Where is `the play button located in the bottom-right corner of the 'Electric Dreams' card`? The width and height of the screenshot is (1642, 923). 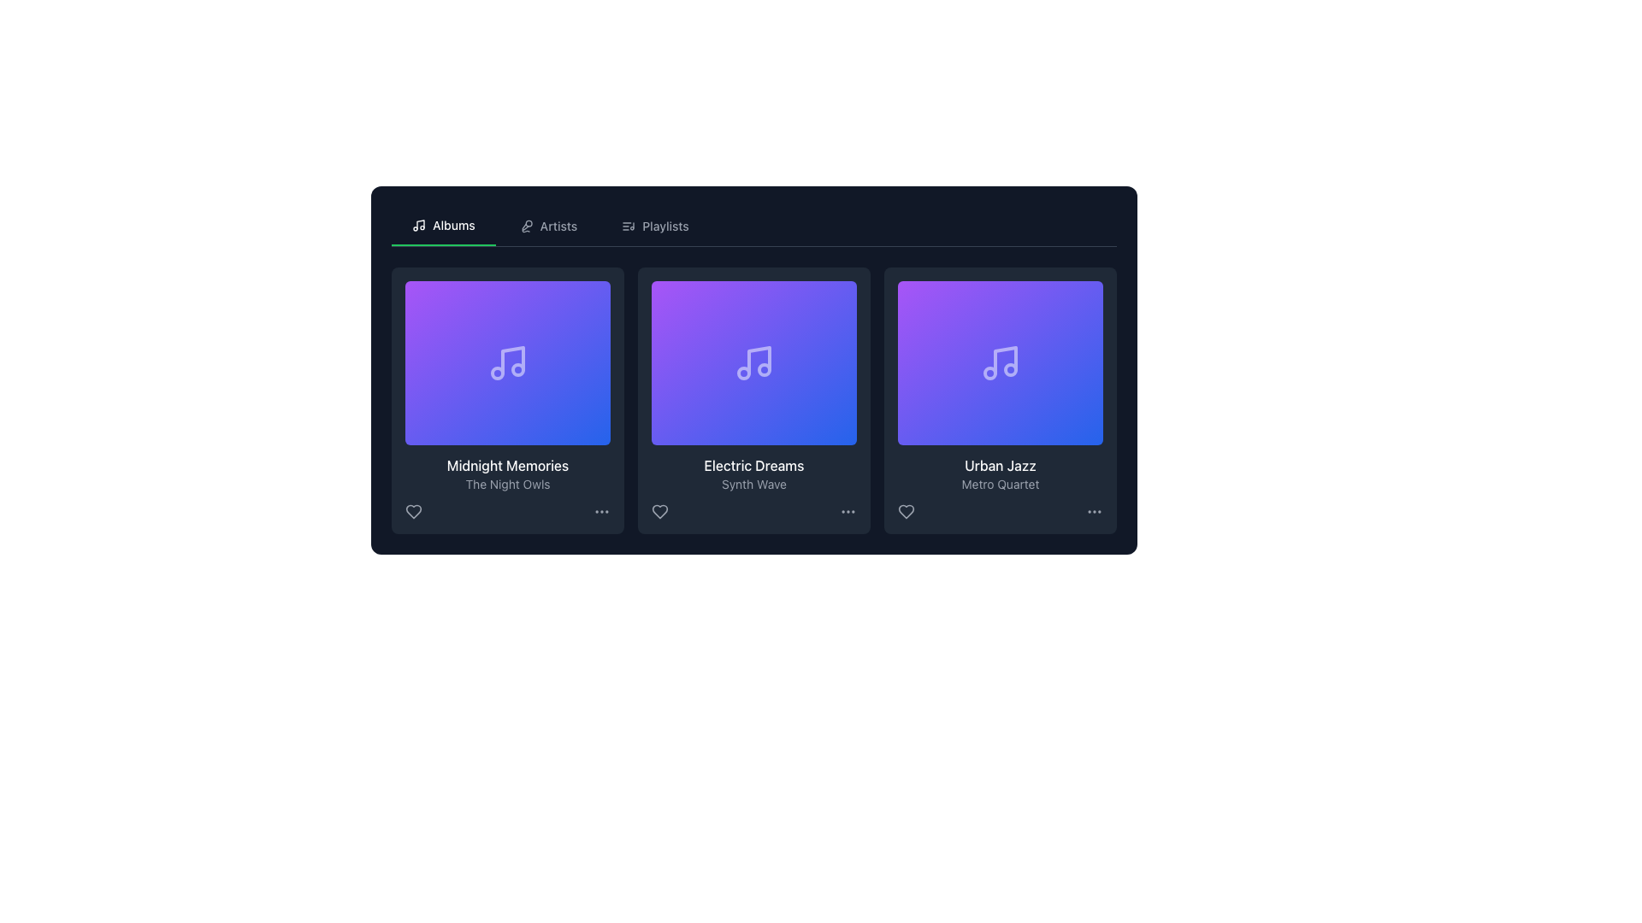 the play button located in the bottom-right corner of the 'Electric Dreams' card is located at coordinates (833, 421).